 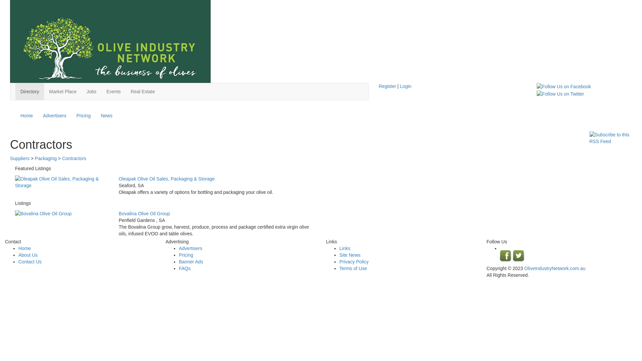 I want to click on 'OliveIndustryNetwork.com.au', so click(x=524, y=268).